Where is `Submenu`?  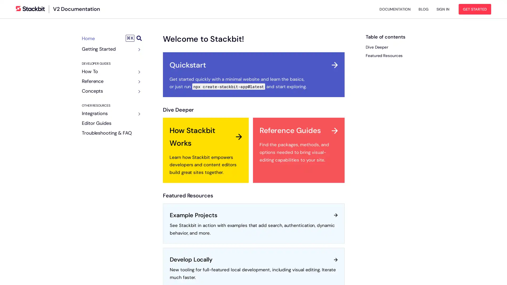
Submenu is located at coordinates (138, 82).